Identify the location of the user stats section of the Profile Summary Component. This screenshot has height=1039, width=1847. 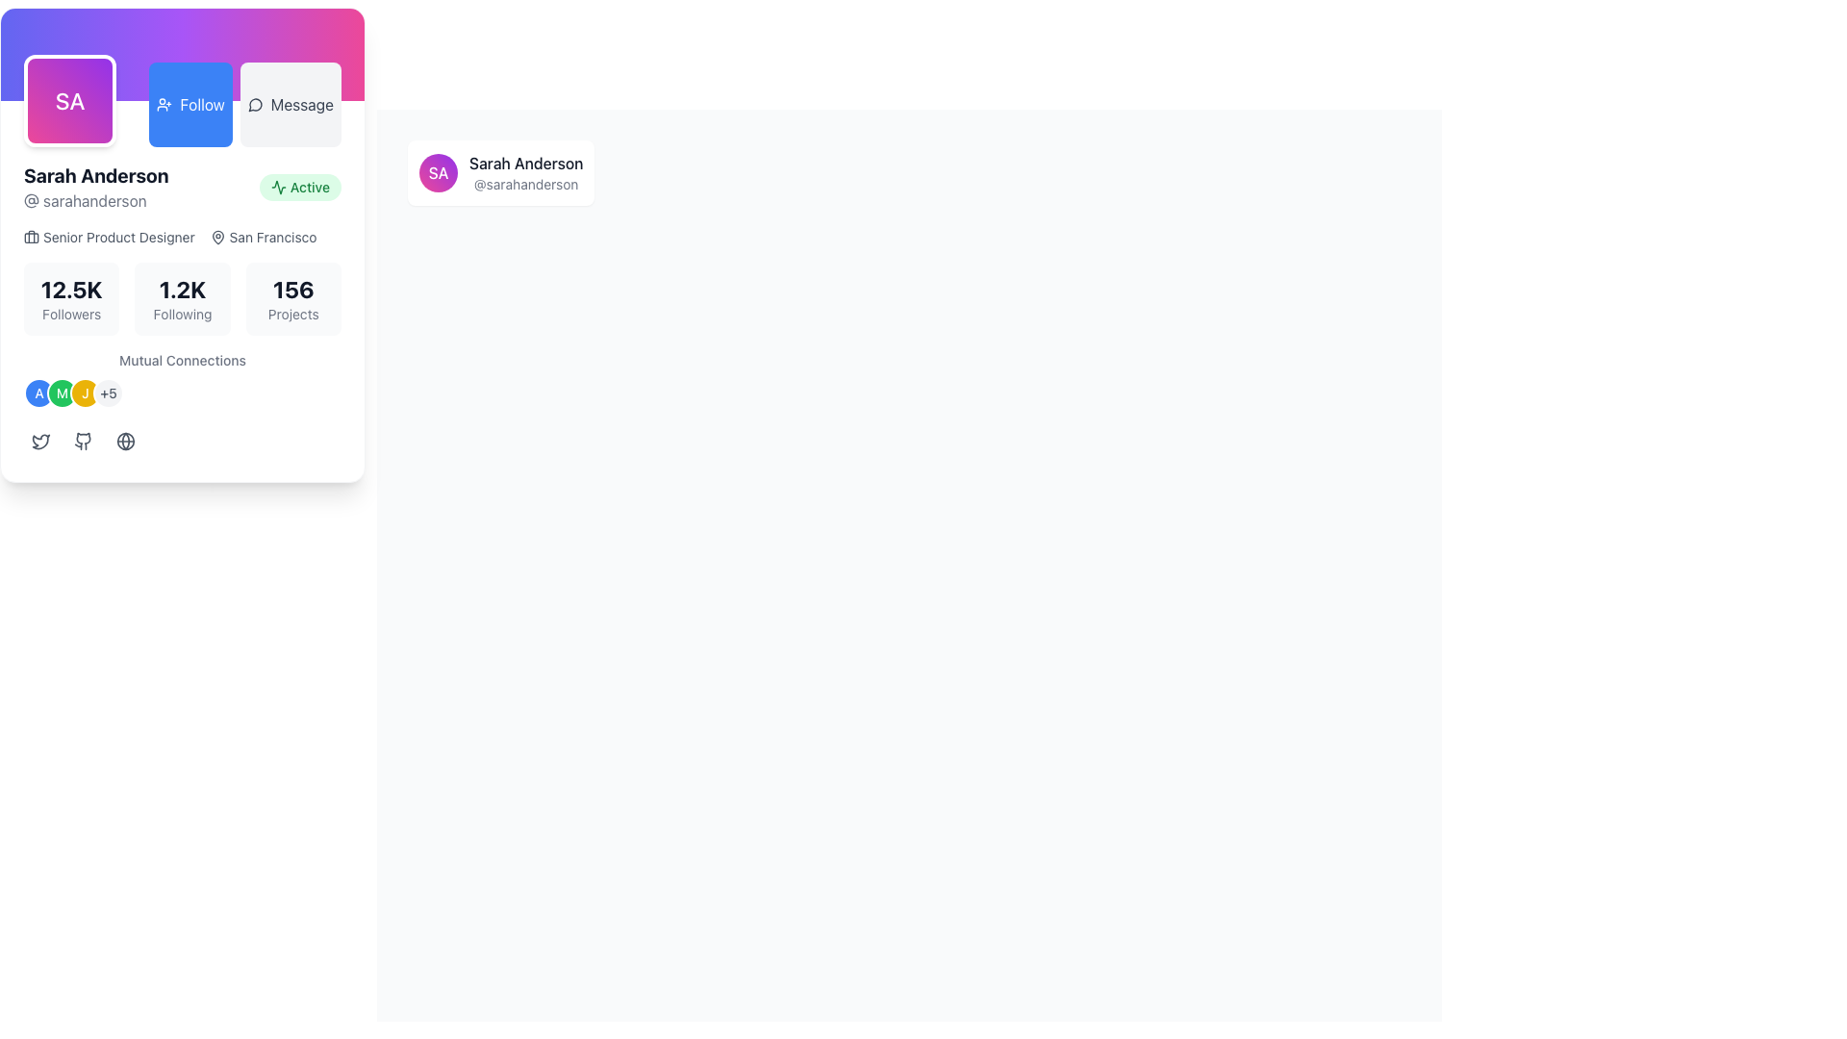
(183, 310).